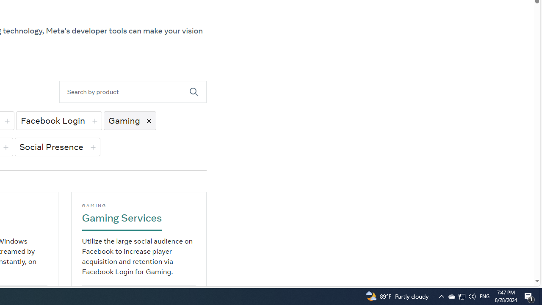 Image resolution: width=542 pixels, height=305 pixels. I want to click on 'Search by product', so click(124, 92).